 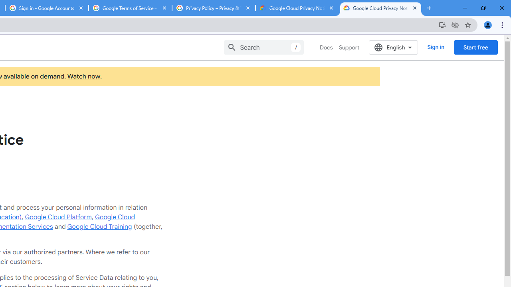 I want to click on 'Google Cloud Privacy Notice', so click(x=380, y=8).